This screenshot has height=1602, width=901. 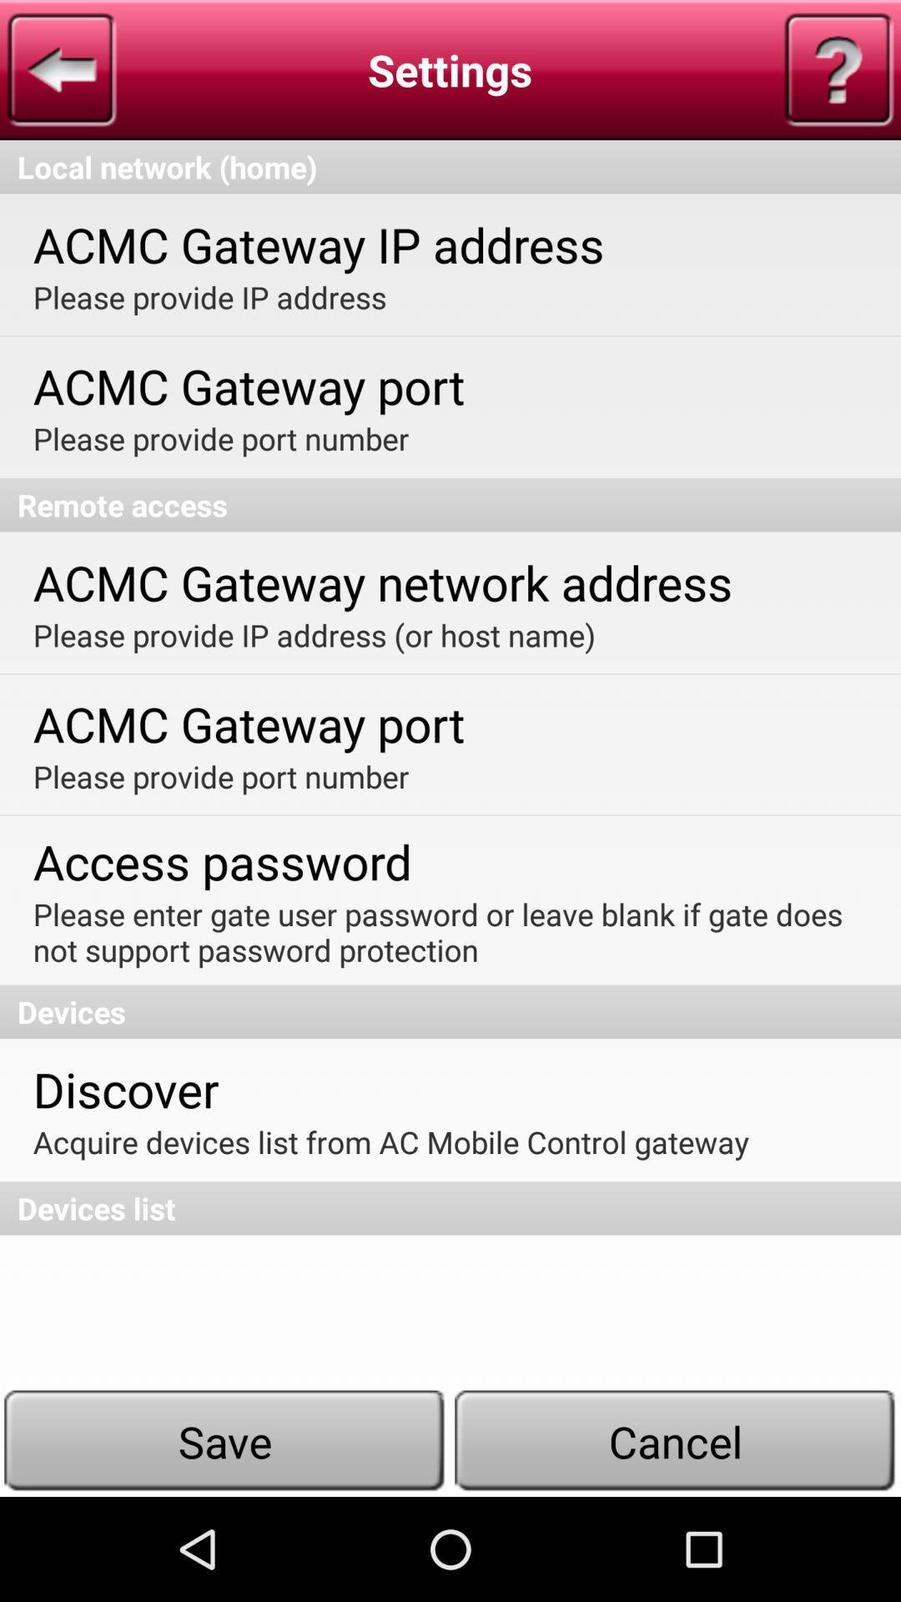 What do you see at coordinates (838, 68) in the screenshot?
I see `click for help` at bounding box center [838, 68].